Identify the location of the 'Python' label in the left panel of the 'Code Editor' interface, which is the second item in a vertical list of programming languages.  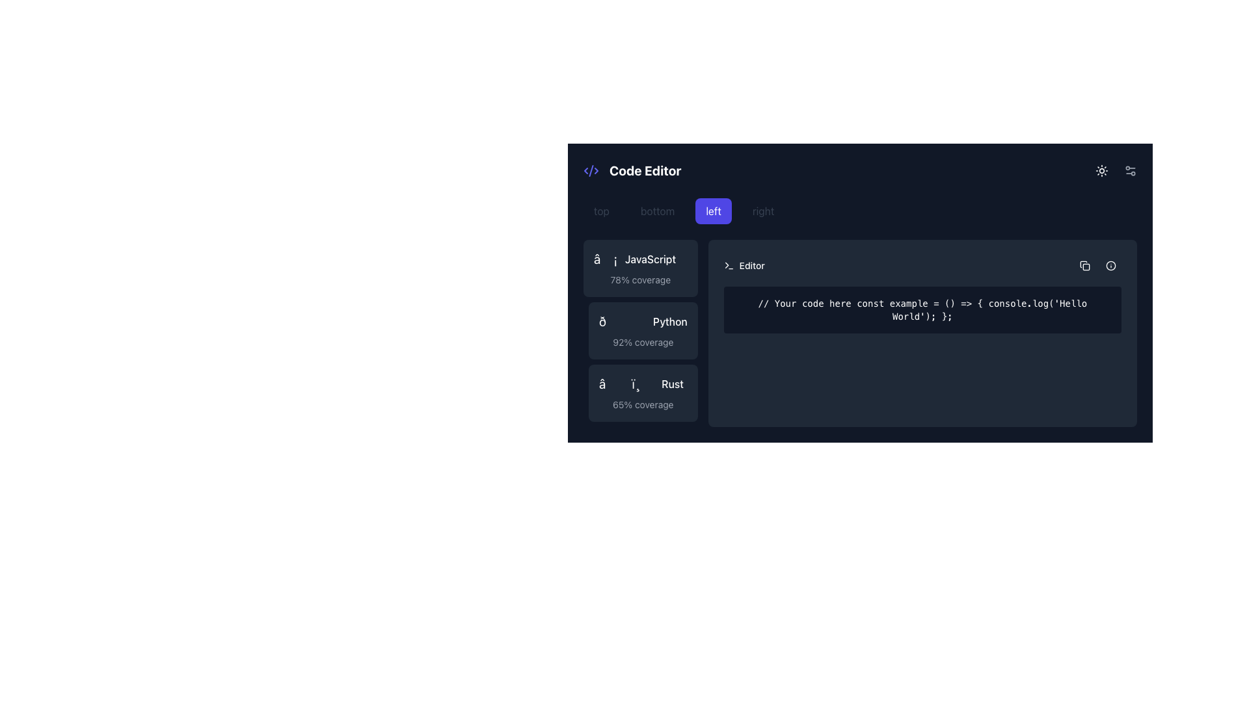
(670, 321).